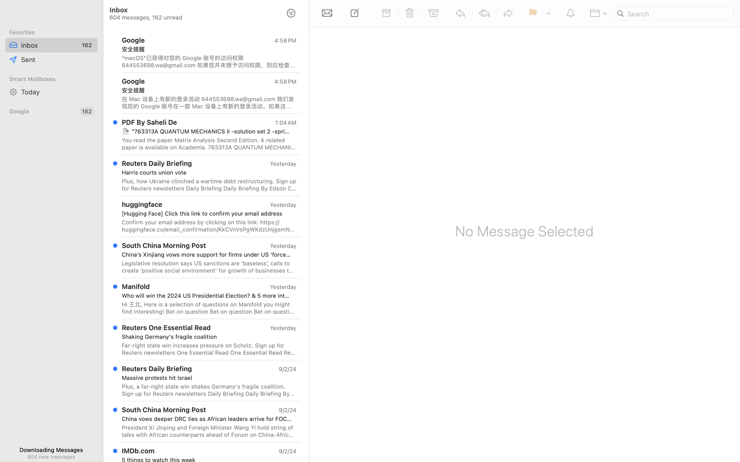 This screenshot has width=740, height=462. I want to click on 'Today', so click(57, 92).